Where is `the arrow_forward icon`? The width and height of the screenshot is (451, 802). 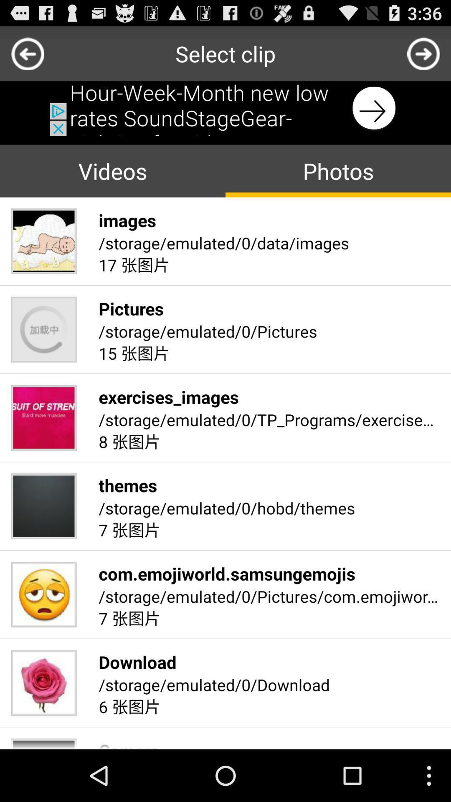
the arrow_forward icon is located at coordinates (423, 57).